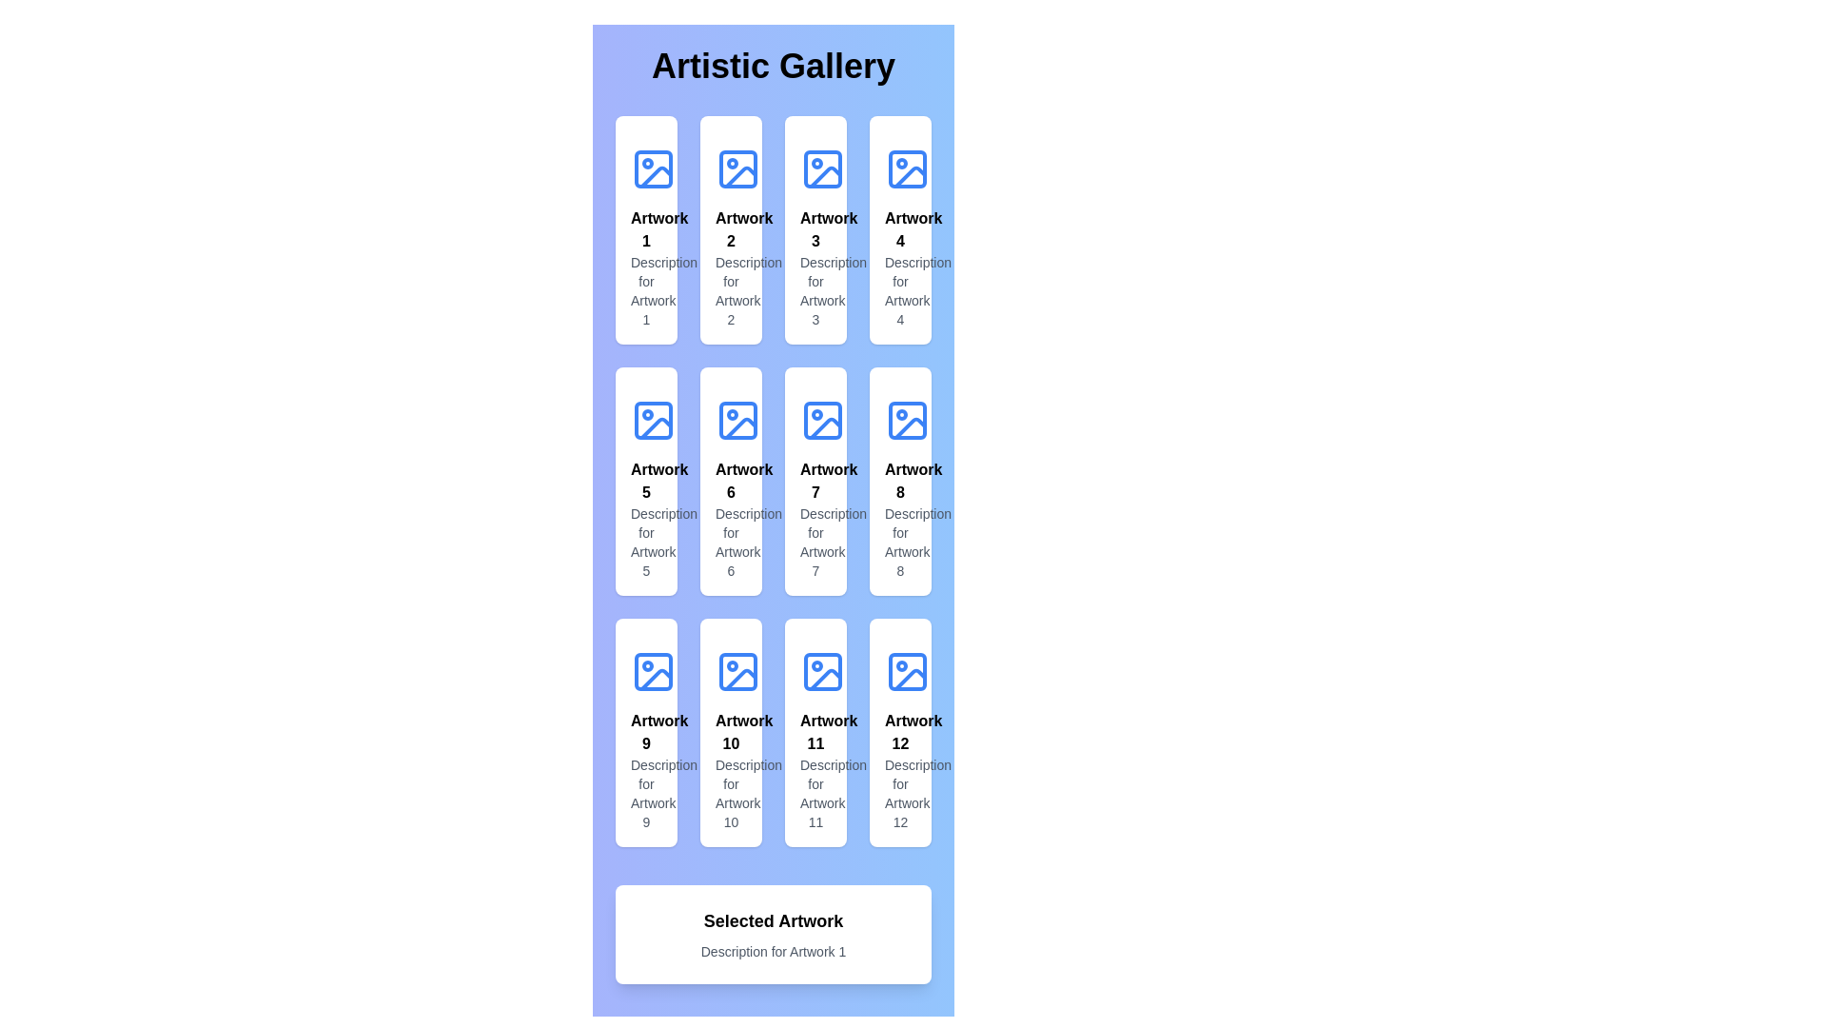 Image resolution: width=1827 pixels, height=1028 pixels. What do you see at coordinates (737, 670) in the screenshot?
I see `the icon depicting a picture frame with a circular element resembling a sun or moon, located at the top center of the 'Artwork 10' card` at bounding box center [737, 670].